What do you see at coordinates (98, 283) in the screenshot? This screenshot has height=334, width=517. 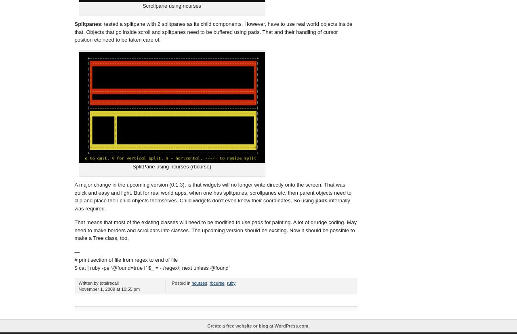 I see `'Written by totalrecall'` at bounding box center [98, 283].